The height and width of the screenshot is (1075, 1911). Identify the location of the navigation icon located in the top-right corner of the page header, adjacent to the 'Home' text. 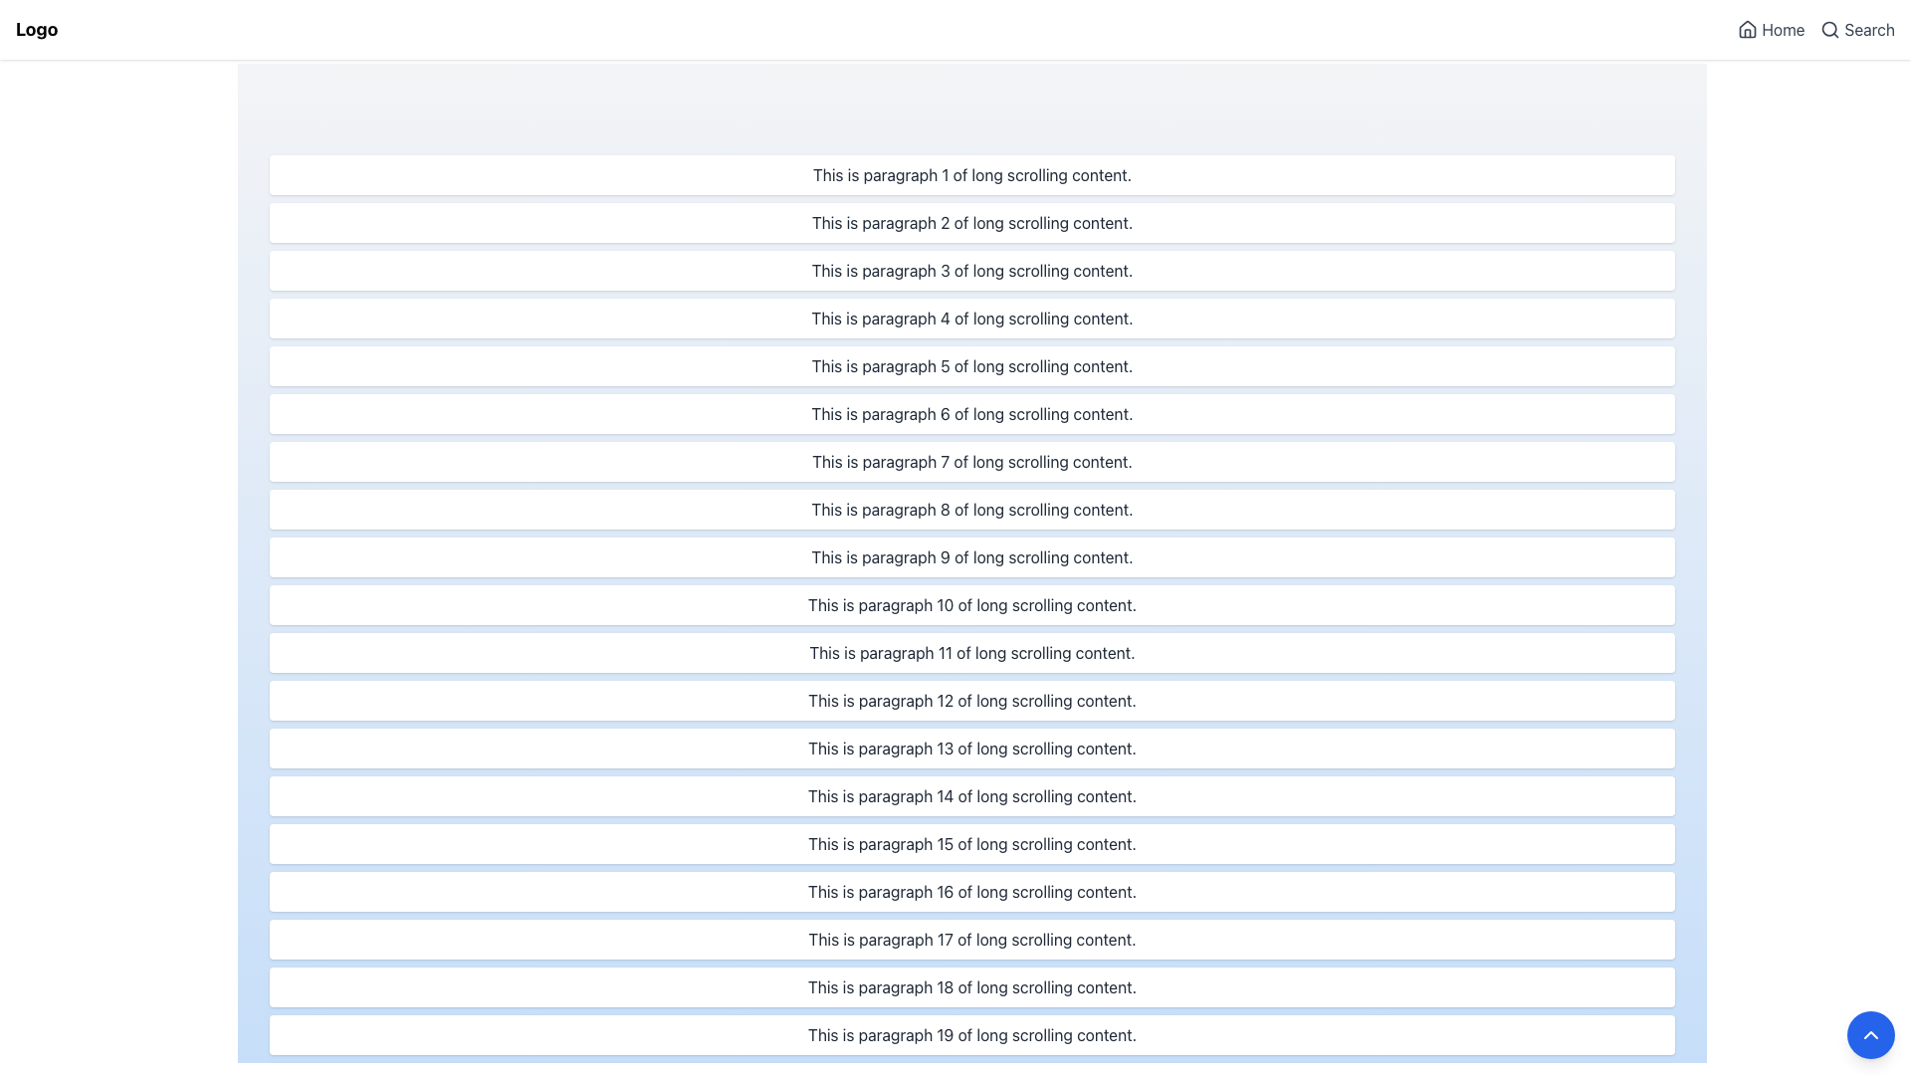
(1747, 29).